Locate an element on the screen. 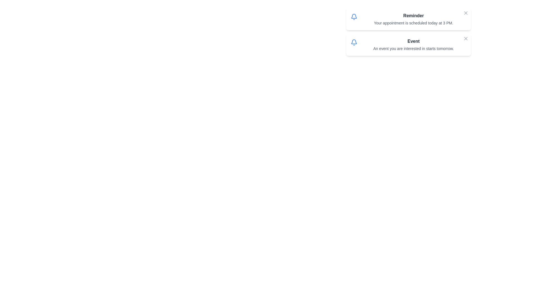  the textual description that states 'An event you are interested in starts tomorrow.' which is styled with a smaller font size and gray text, located below the 'Event' header is located at coordinates (414, 48).